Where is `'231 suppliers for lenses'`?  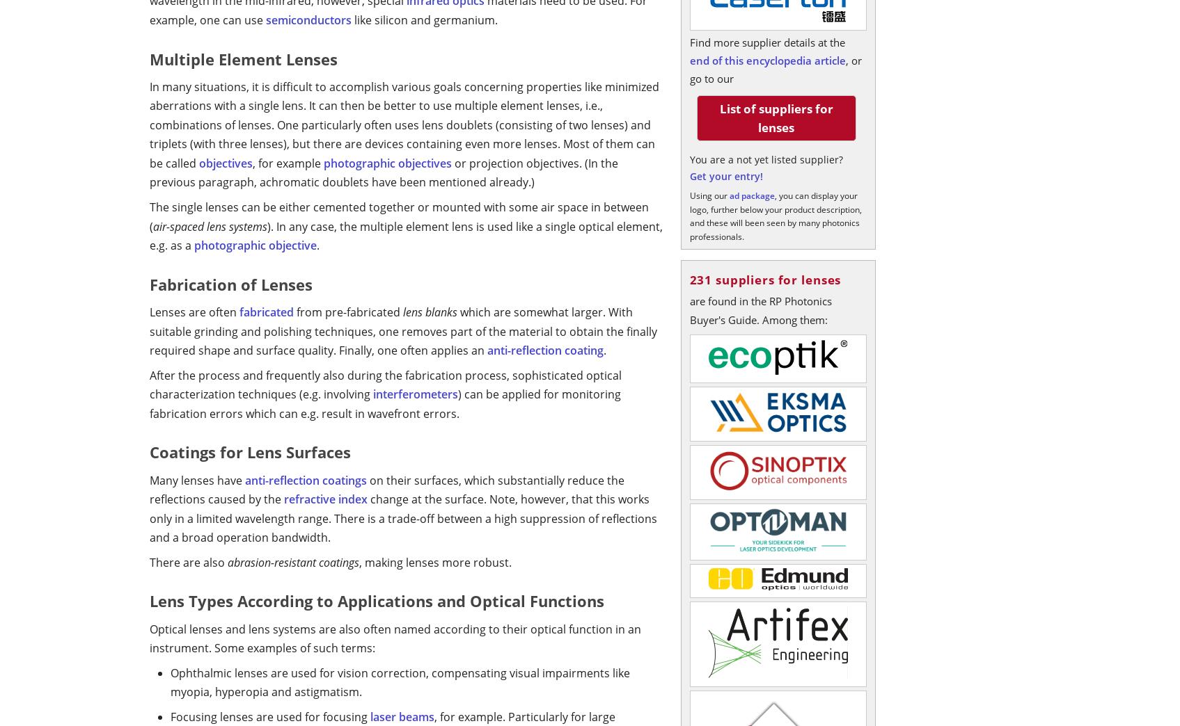
'231 suppliers for lenses' is located at coordinates (689, 279).